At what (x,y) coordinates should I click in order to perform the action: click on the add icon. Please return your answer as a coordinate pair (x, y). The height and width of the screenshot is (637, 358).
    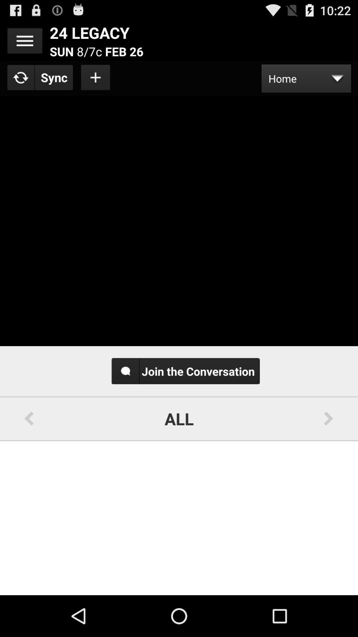
    Looking at the image, I should click on (96, 82).